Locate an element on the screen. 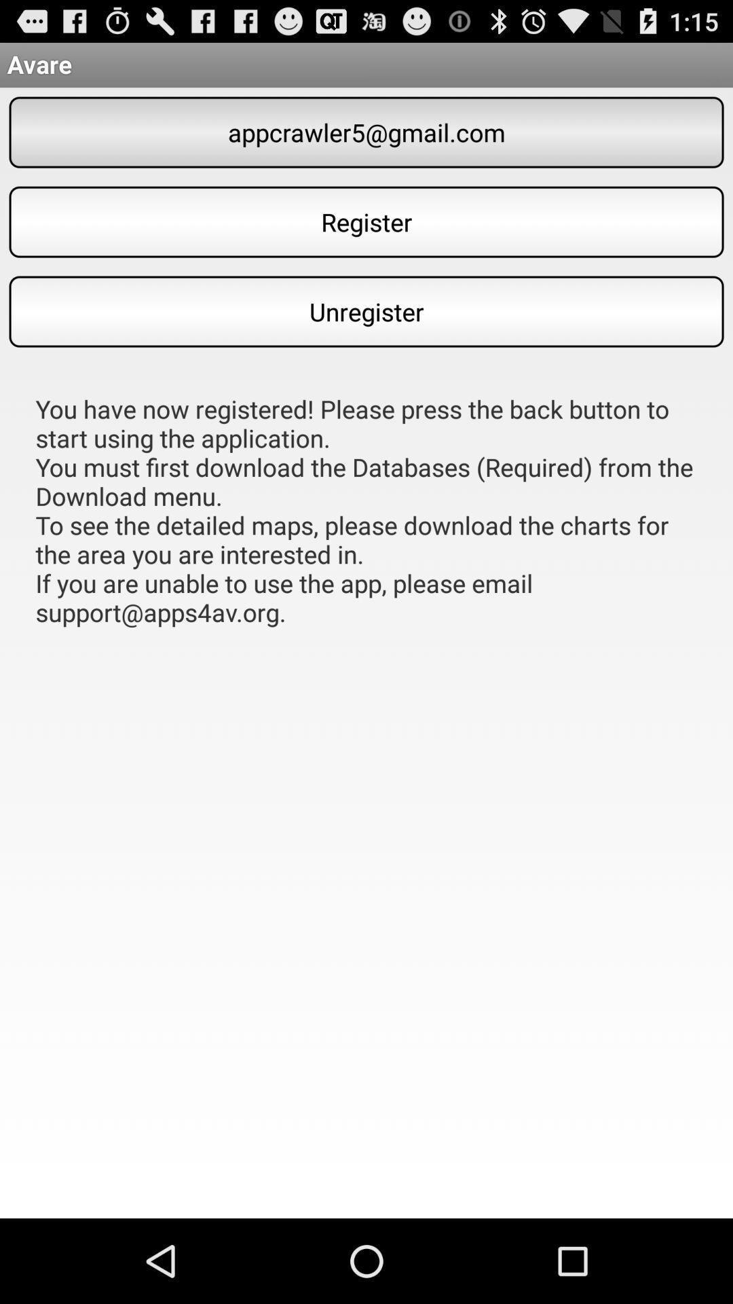 Image resolution: width=733 pixels, height=1304 pixels. the icon below the avare is located at coordinates (366, 132).